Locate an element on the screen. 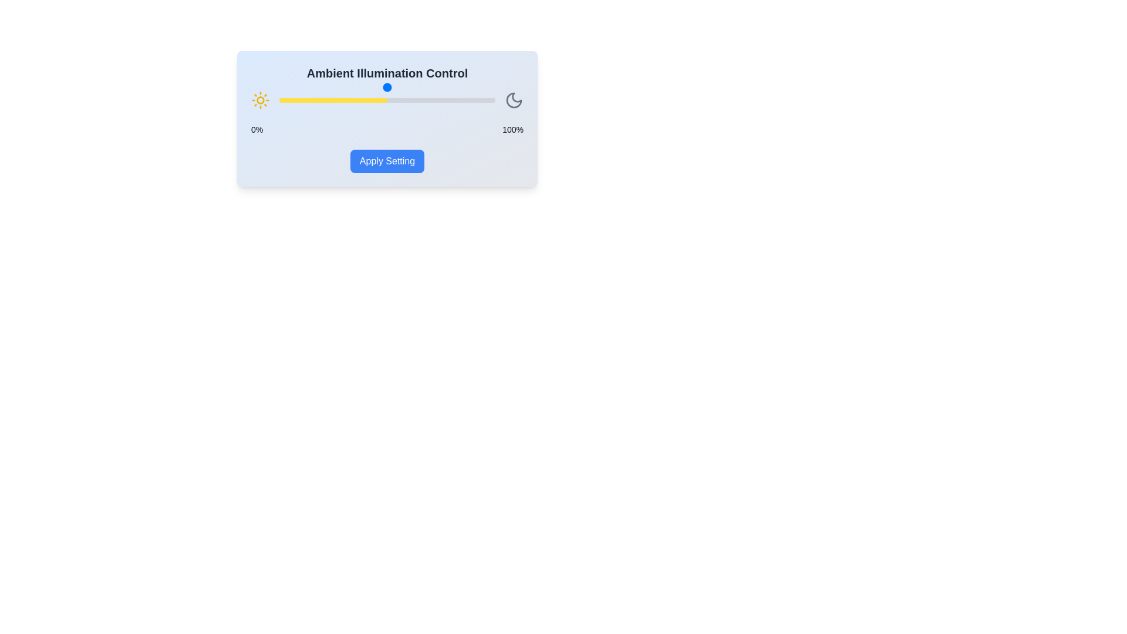 This screenshot has height=634, width=1127. the slider to set the illumination level to 57% is located at coordinates (402, 99).